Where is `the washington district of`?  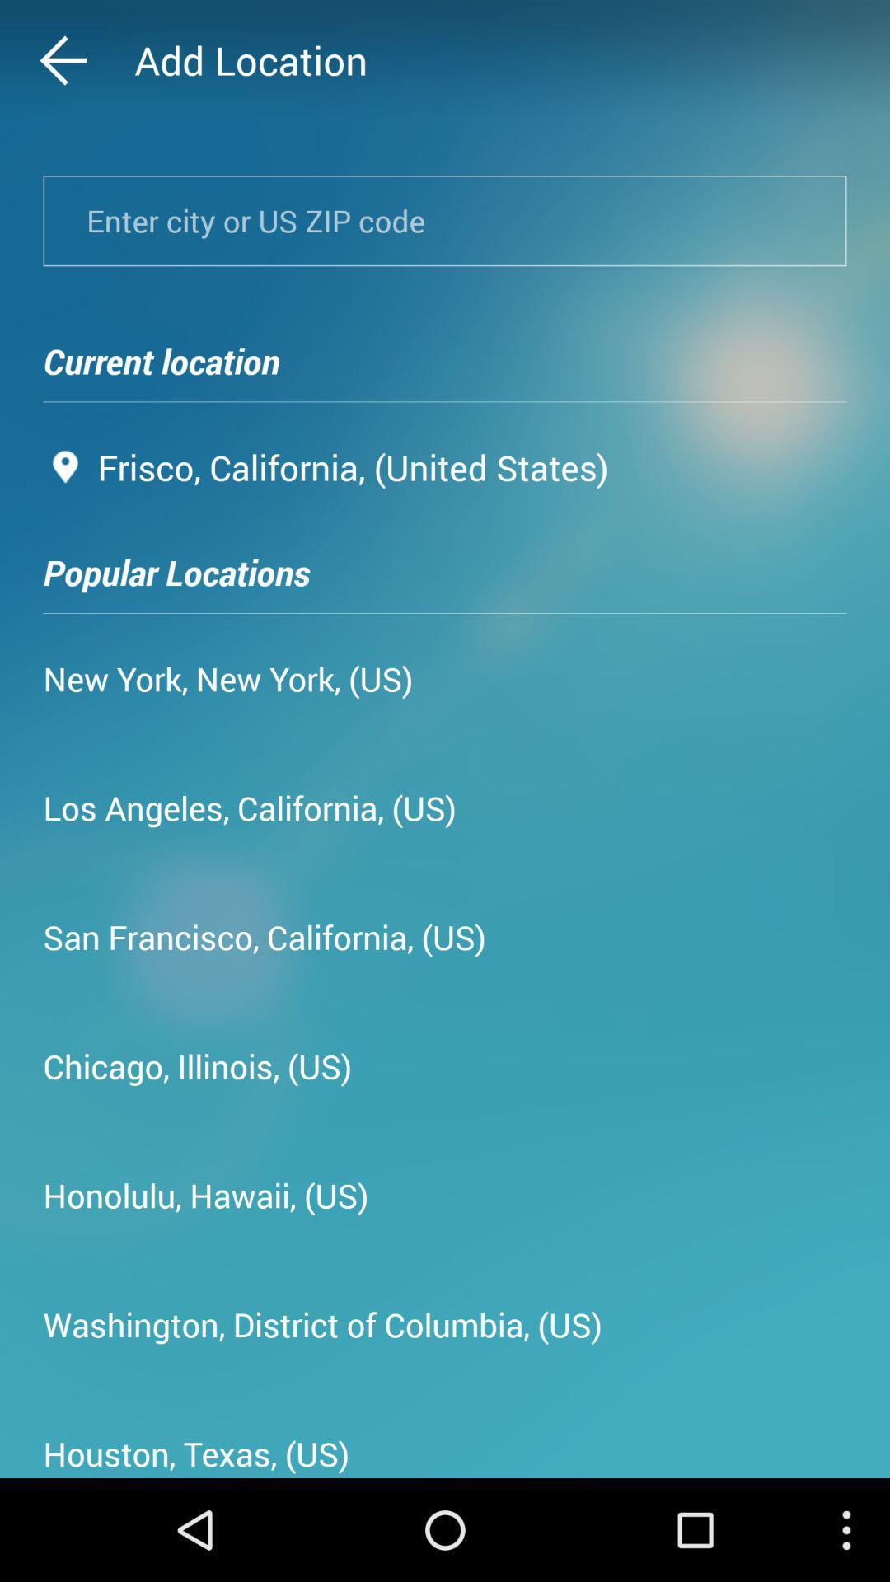
the washington district of is located at coordinates (322, 1324).